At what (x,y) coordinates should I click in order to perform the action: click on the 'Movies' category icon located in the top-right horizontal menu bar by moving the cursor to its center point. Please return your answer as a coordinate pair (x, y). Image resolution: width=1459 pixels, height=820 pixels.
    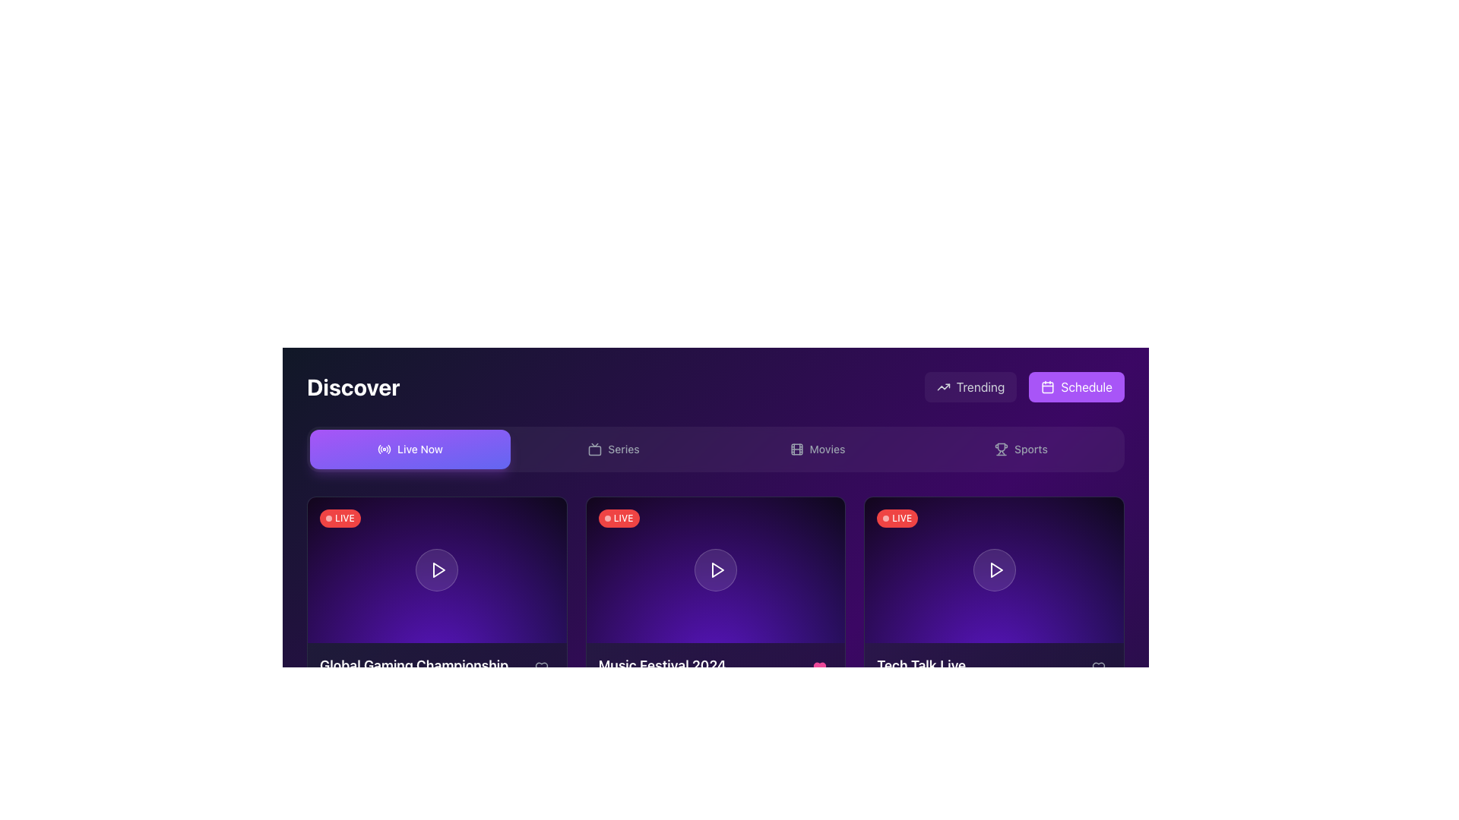
    Looking at the image, I should click on (796, 448).